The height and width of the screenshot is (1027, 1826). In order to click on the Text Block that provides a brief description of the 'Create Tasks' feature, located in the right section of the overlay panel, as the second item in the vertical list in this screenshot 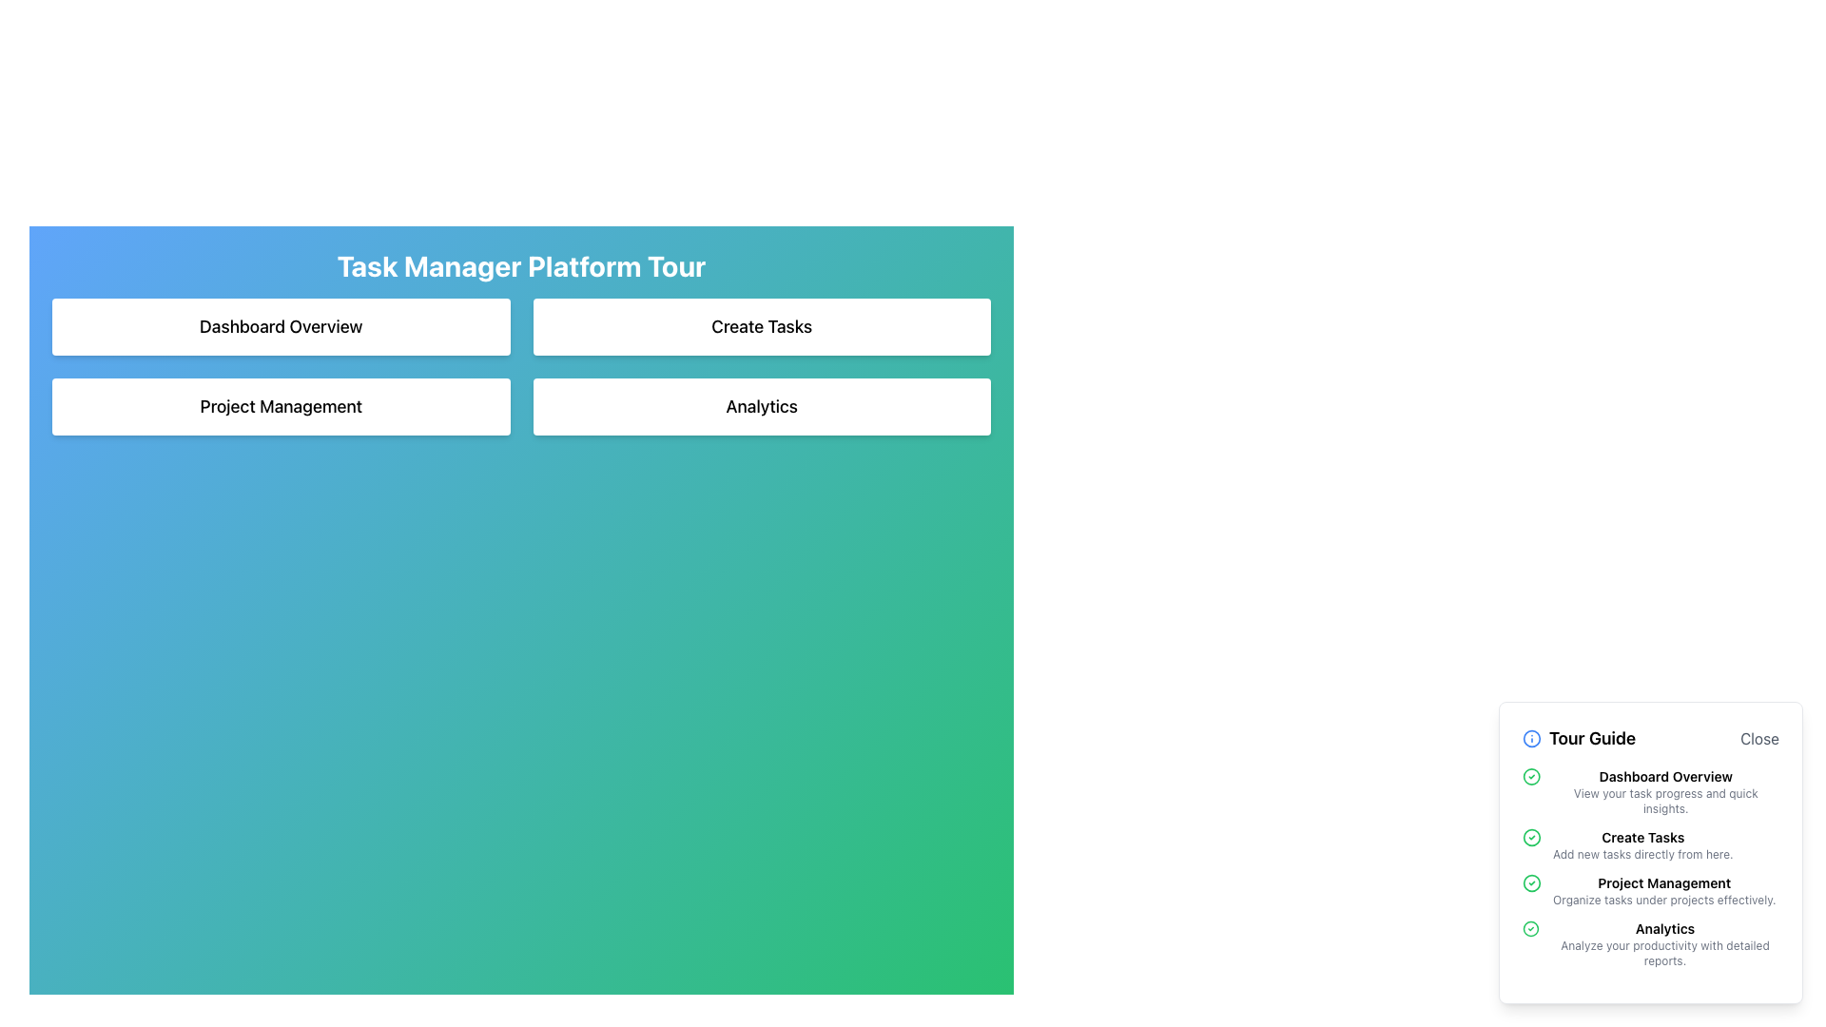, I will do `click(1641, 843)`.